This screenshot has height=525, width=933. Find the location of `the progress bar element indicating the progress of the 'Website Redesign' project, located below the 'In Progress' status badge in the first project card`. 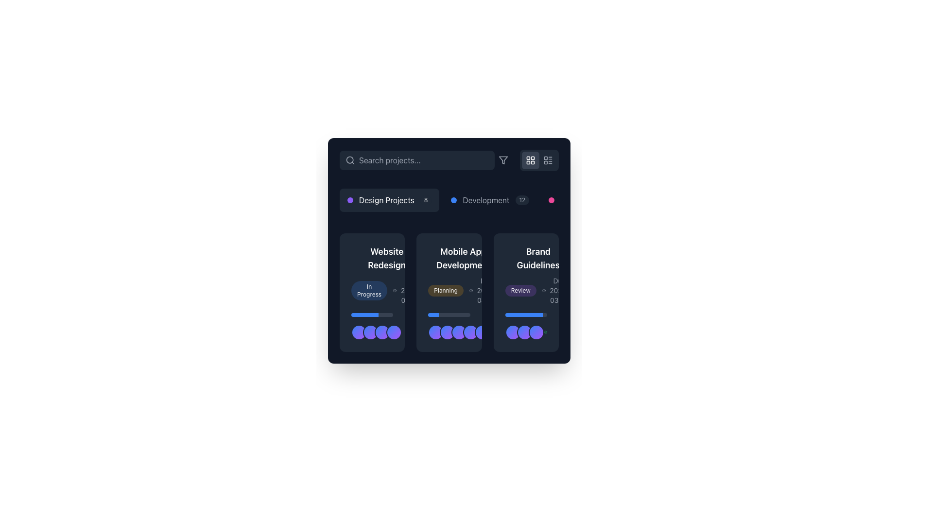

the progress bar element indicating the progress of the 'Website Redesign' project, located below the 'In Progress' status badge in the first project card is located at coordinates (372, 315).